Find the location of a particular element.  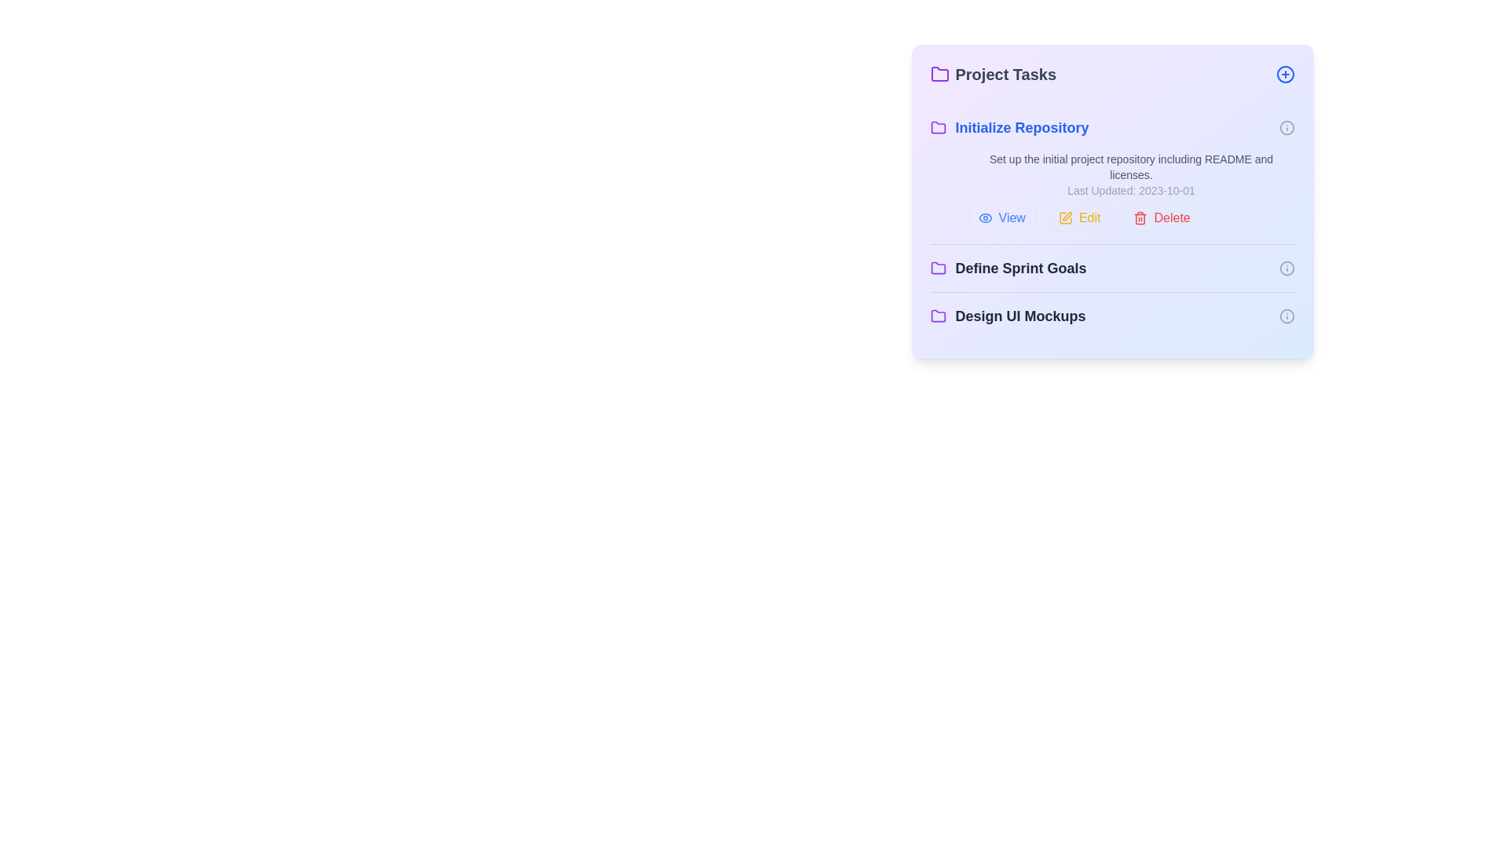

the Circle element which is part of the SVG graphics located on the sidebar is located at coordinates (1287, 126).